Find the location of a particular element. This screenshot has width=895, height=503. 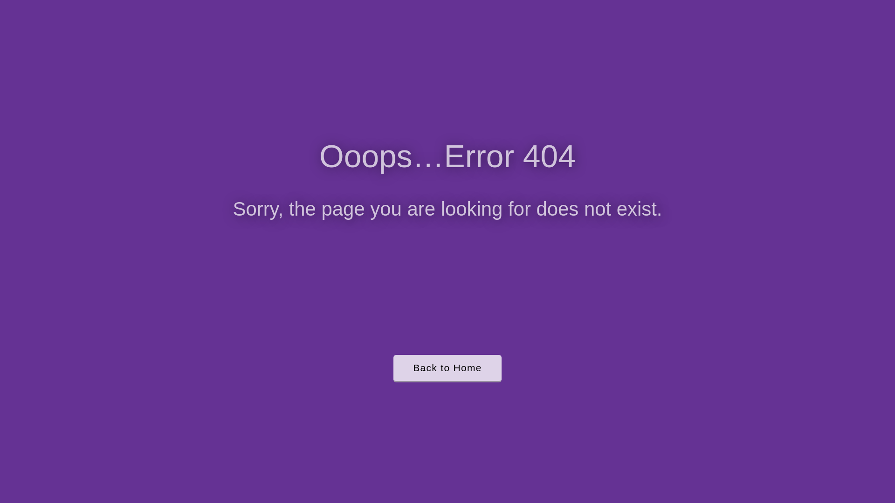

'Back to Home' is located at coordinates (447, 368).